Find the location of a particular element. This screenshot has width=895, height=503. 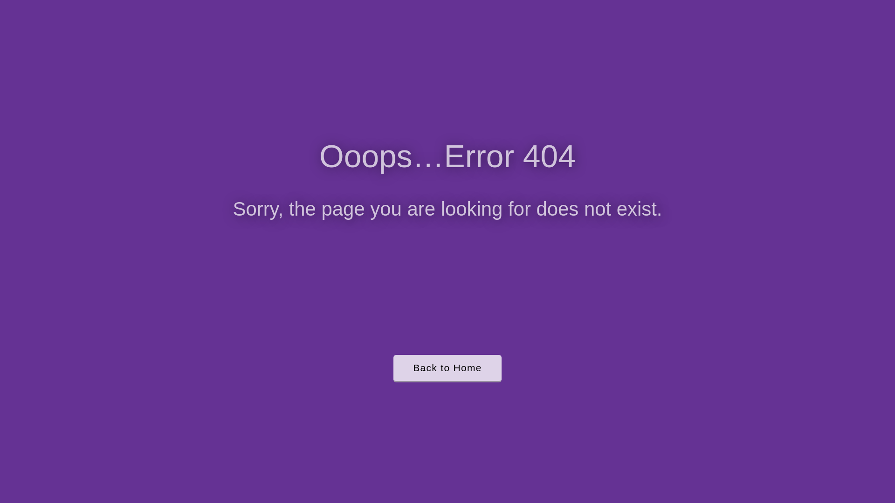

'Back to Home' is located at coordinates (447, 368).